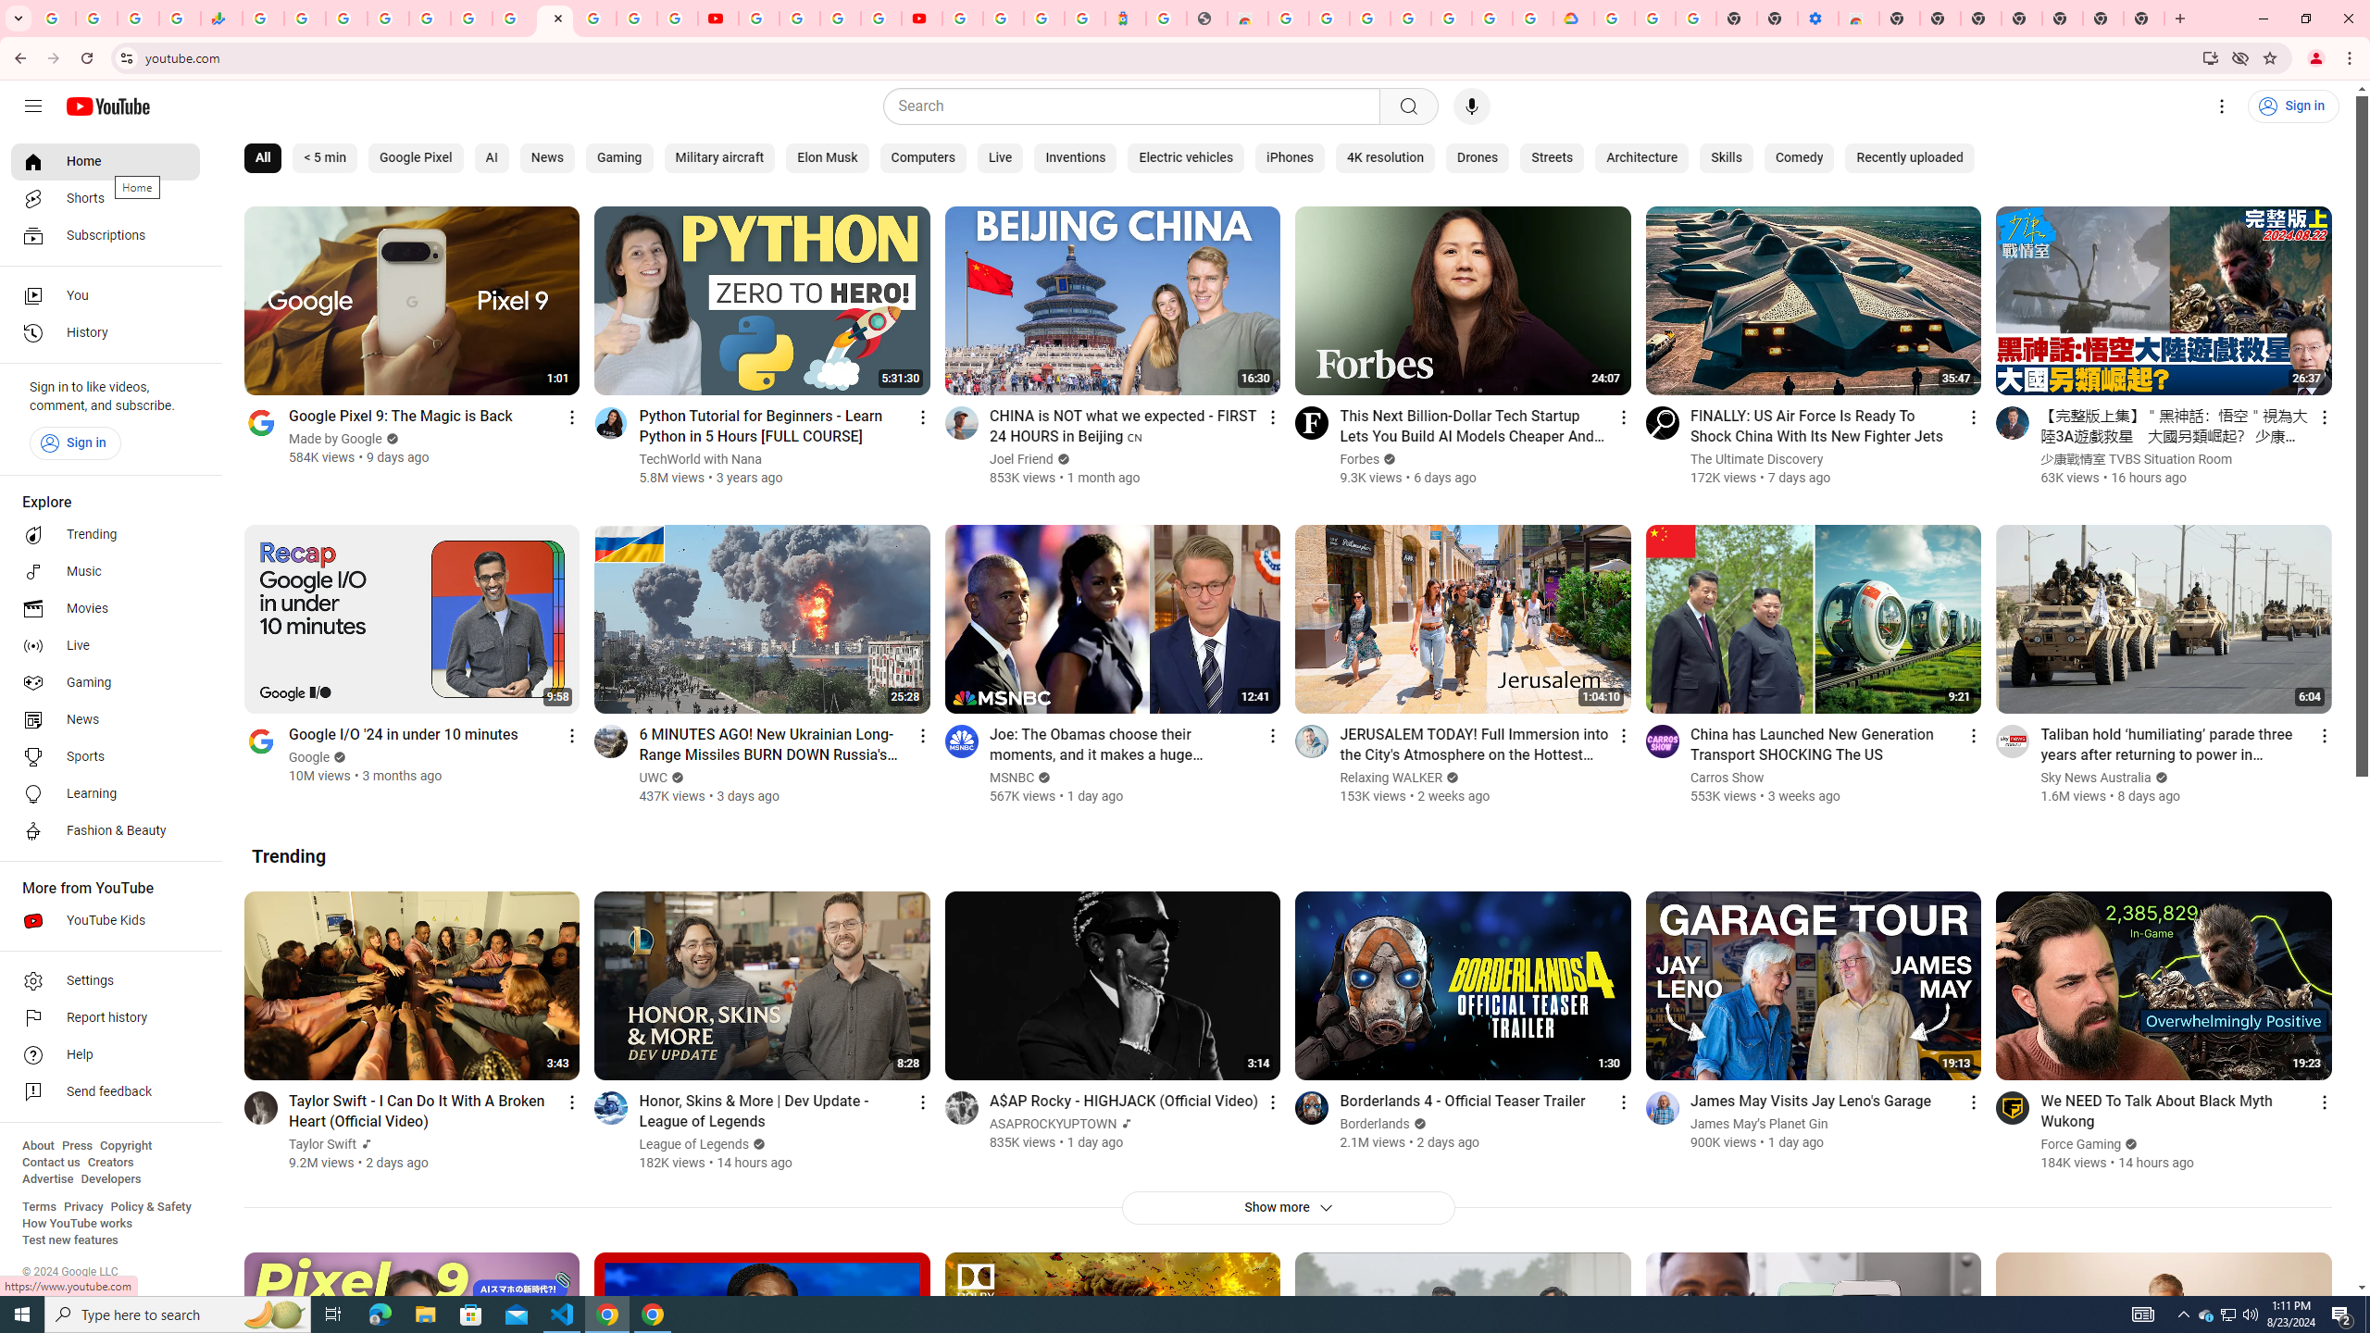  What do you see at coordinates (1020, 458) in the screenshot?
I see `'Joel Friend'` at bounding box center [1020, 458].